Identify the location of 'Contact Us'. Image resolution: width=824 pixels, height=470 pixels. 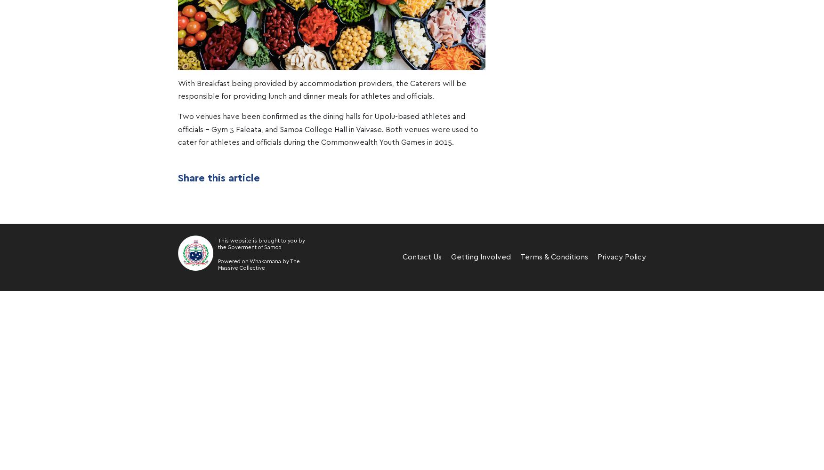
(421, 257).